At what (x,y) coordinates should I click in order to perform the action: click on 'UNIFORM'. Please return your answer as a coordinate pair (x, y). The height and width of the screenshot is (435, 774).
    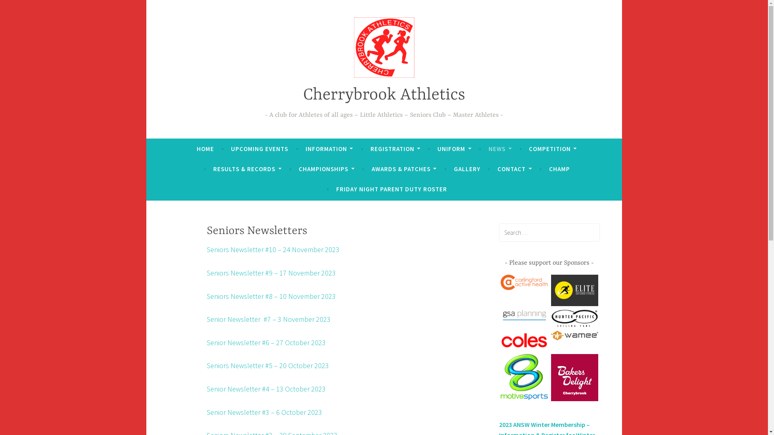
    Looking at the image, I should click on (437, 149).